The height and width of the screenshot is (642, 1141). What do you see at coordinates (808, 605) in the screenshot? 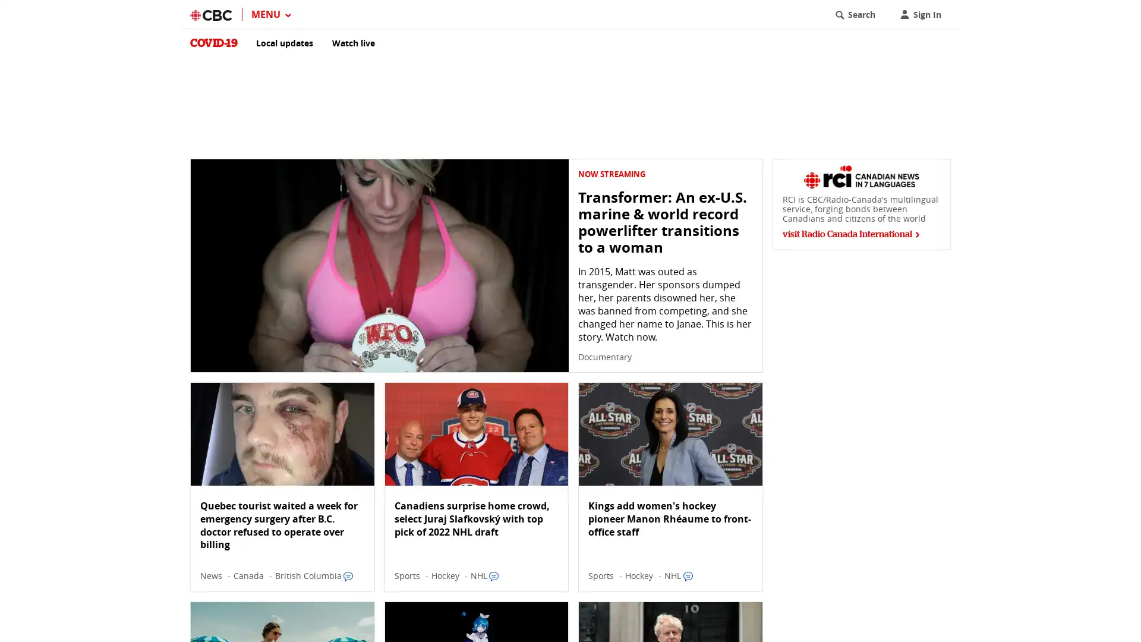
I see `dismiss notification` at bounding box center [808, 605].